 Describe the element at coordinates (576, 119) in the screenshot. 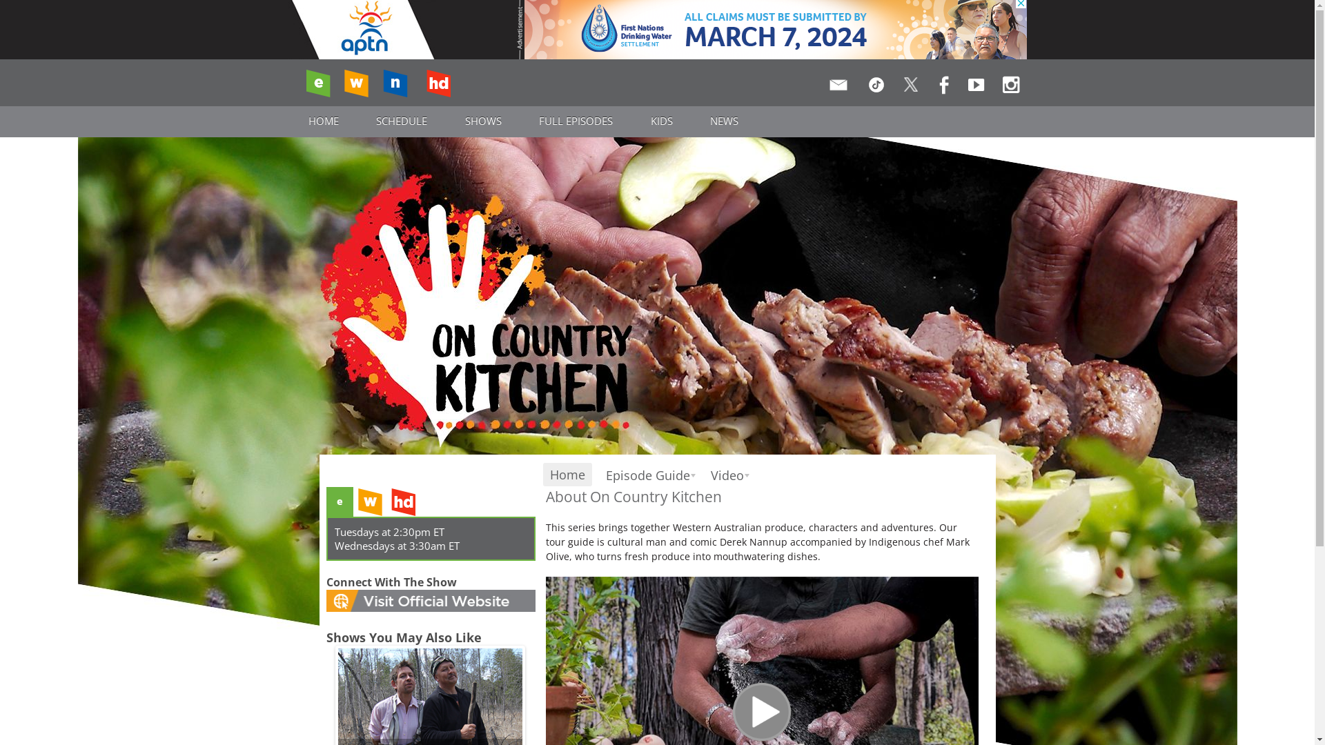

I see `'FULL EPISODES'` at that location.